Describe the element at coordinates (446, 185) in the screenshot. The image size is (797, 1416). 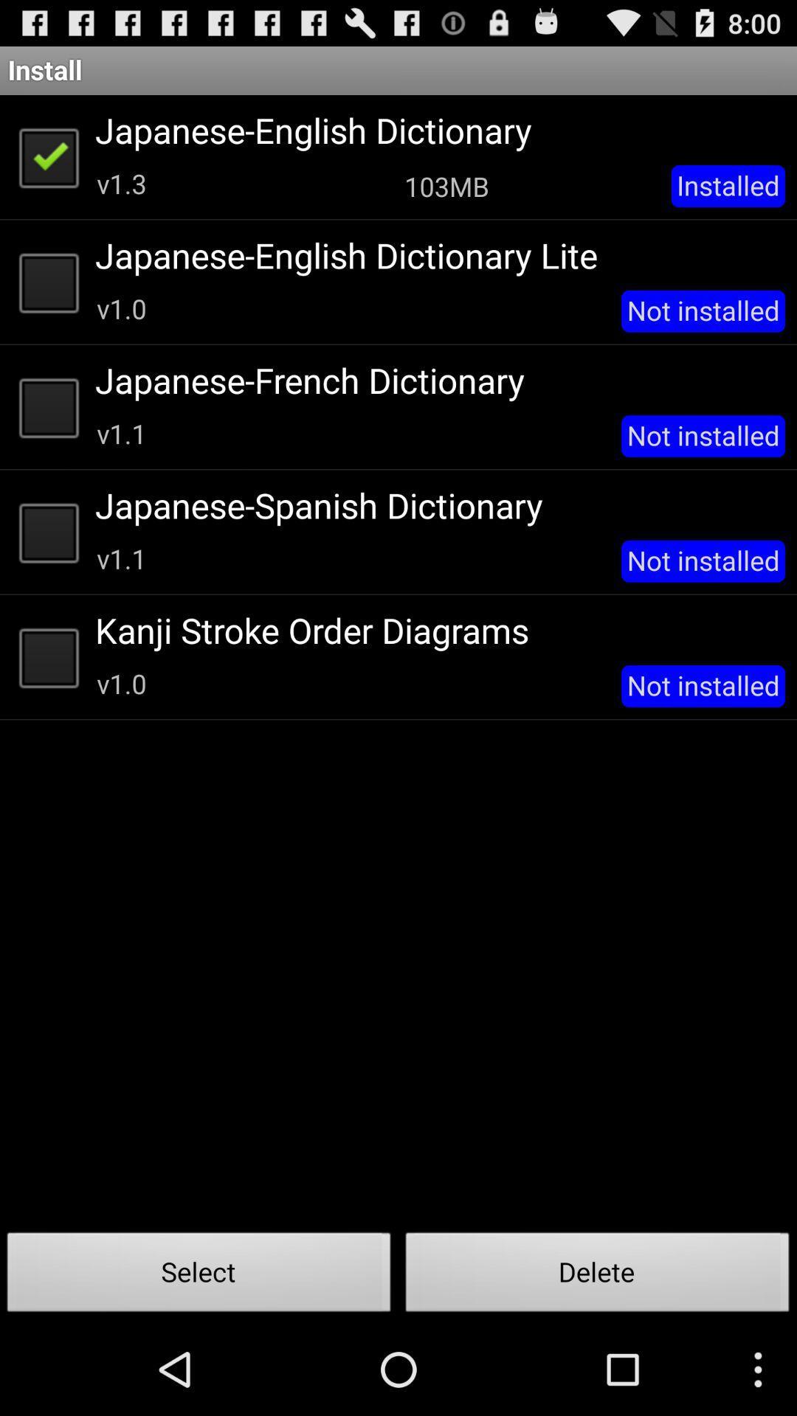
I see `103mb item` at that location.